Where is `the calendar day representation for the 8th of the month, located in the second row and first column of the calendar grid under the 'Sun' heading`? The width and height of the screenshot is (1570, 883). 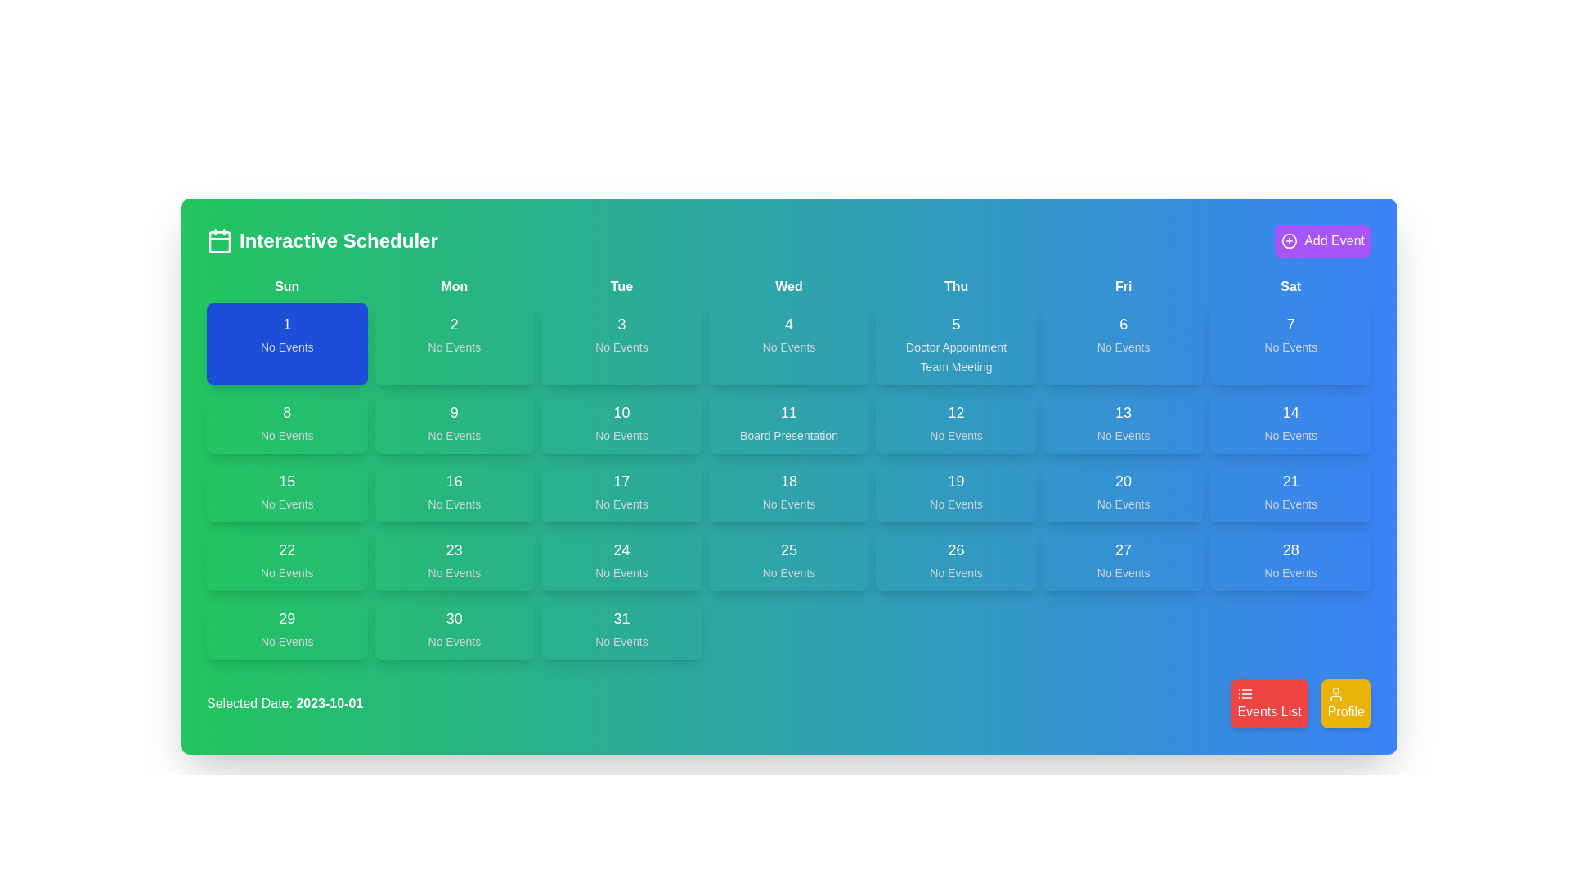 the calendar day representation for the 8th of the month, located in the second row and first column of the calendar grid under the 'Sun' heading is located at coordinates (287, 421).